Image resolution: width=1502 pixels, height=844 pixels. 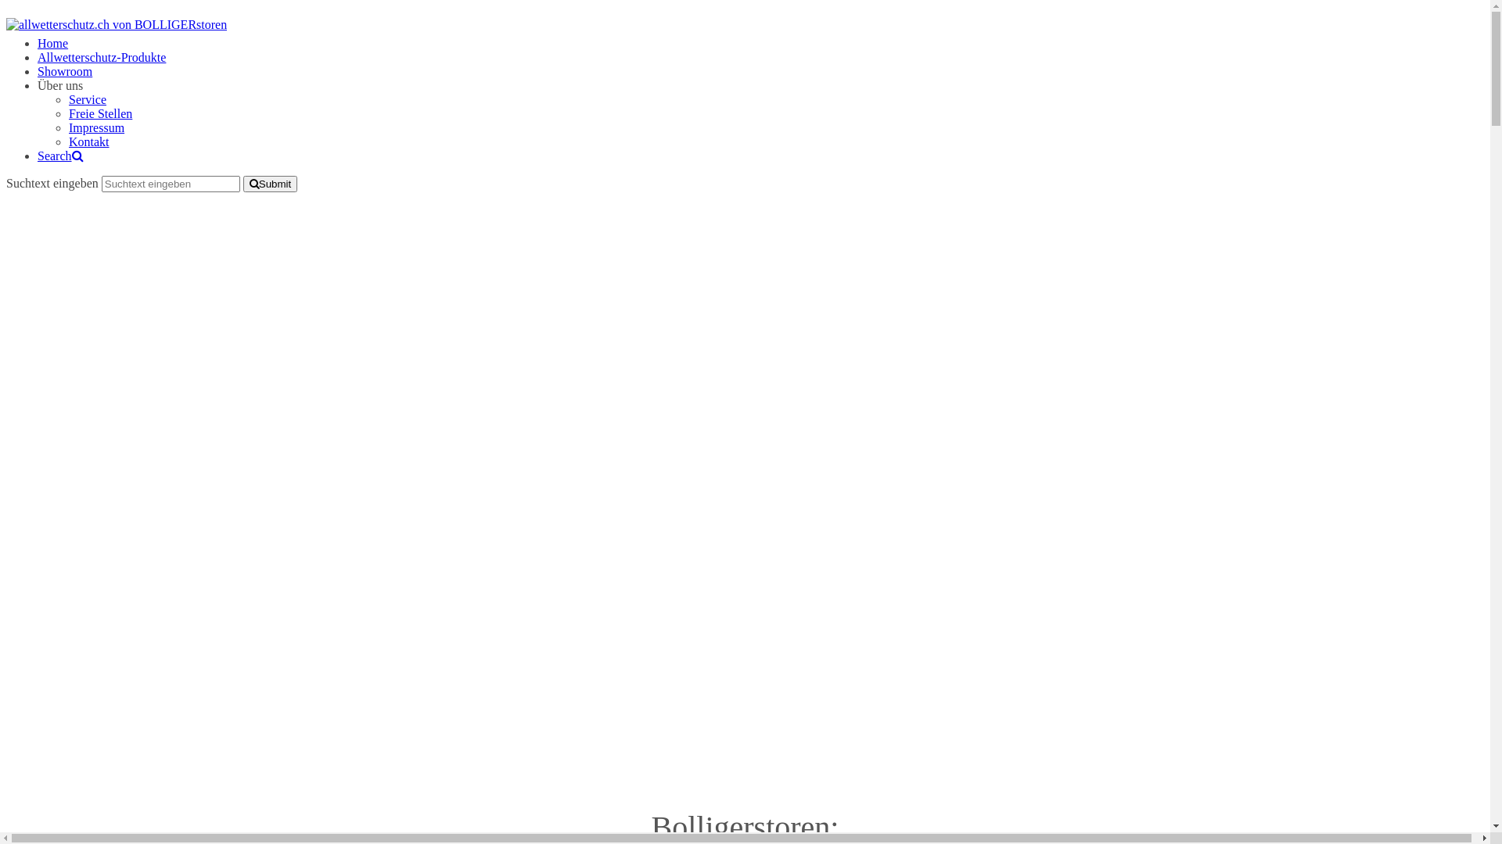 I want to click on 'Search', so click(x=60, y=156).